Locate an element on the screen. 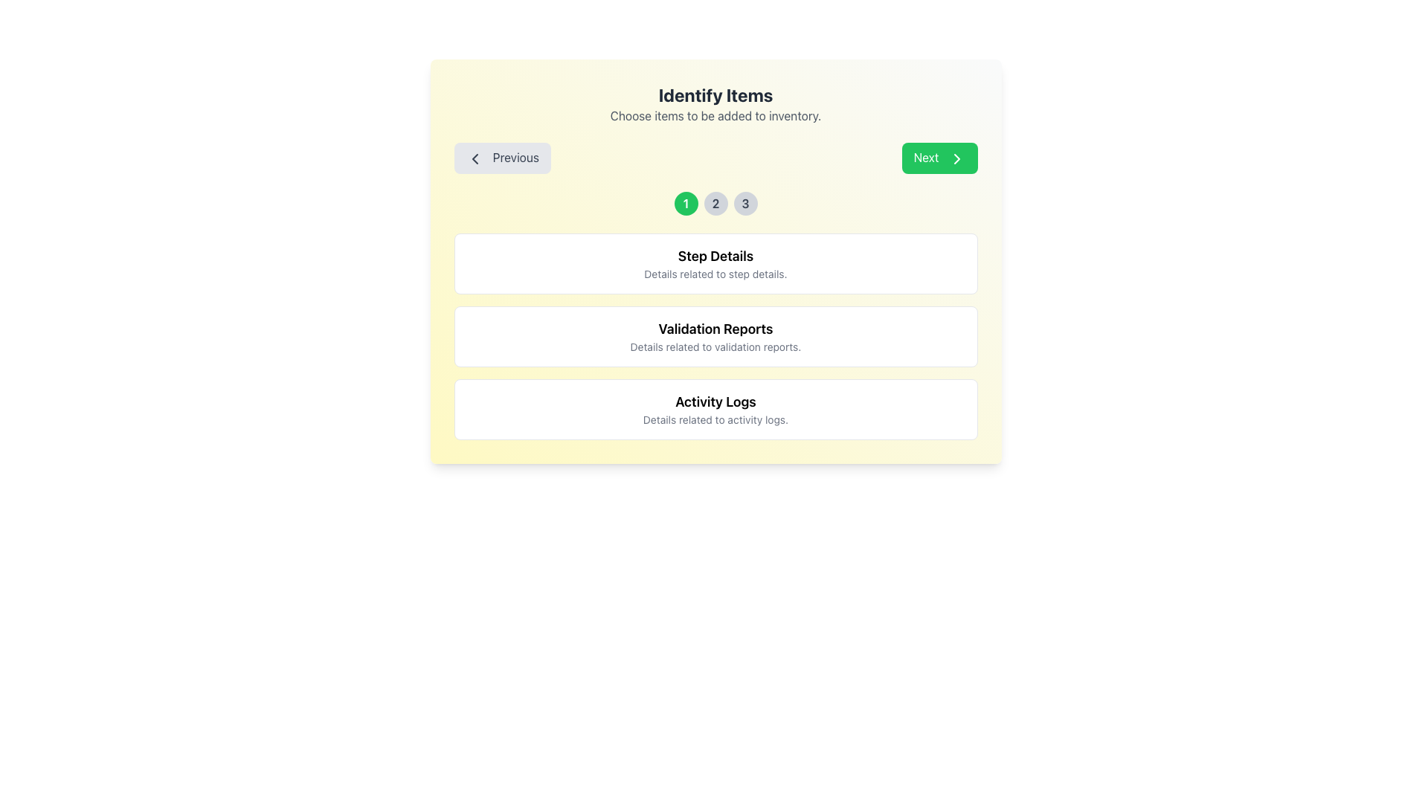 Image resolution: width=1428 pixels, height=803 pixels. the header text element that indicates the section for item identification, positioned above the 'Choose items to be added to inventory' text is located at coordinates (715, 94).